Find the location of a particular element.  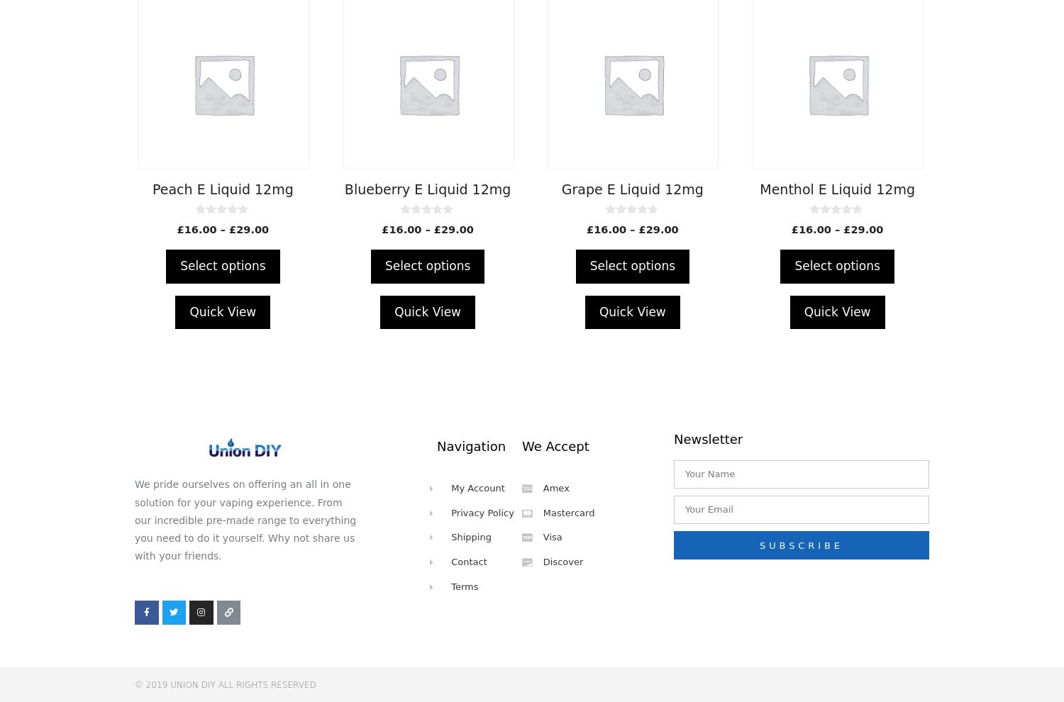

'Grape E Liquid 12mg' is located at coordinates (560, 189).